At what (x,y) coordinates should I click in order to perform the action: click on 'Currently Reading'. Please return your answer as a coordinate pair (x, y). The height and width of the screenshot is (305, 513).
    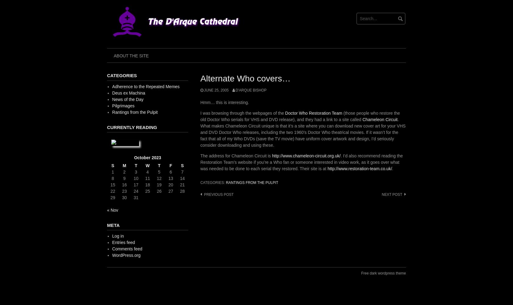
    Looking at the image, I should click on (132, 127).